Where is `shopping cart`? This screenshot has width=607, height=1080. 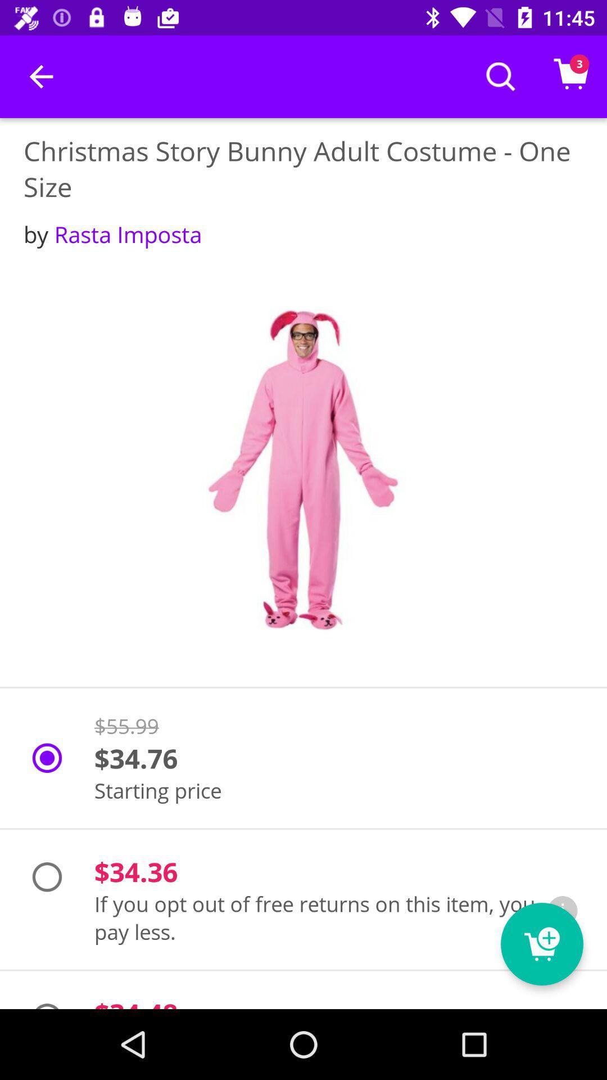 shopping cart is located at coordinates (541, 944).